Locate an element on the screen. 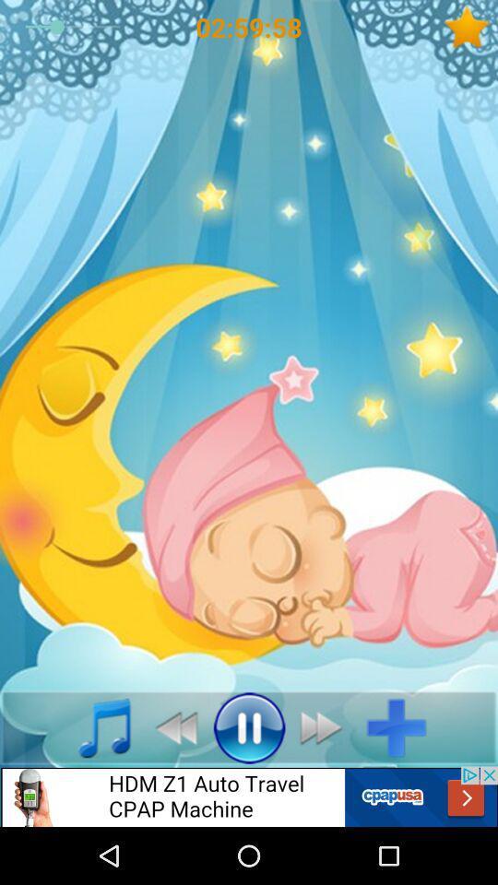  favorites is located at coordinates (470, 26).